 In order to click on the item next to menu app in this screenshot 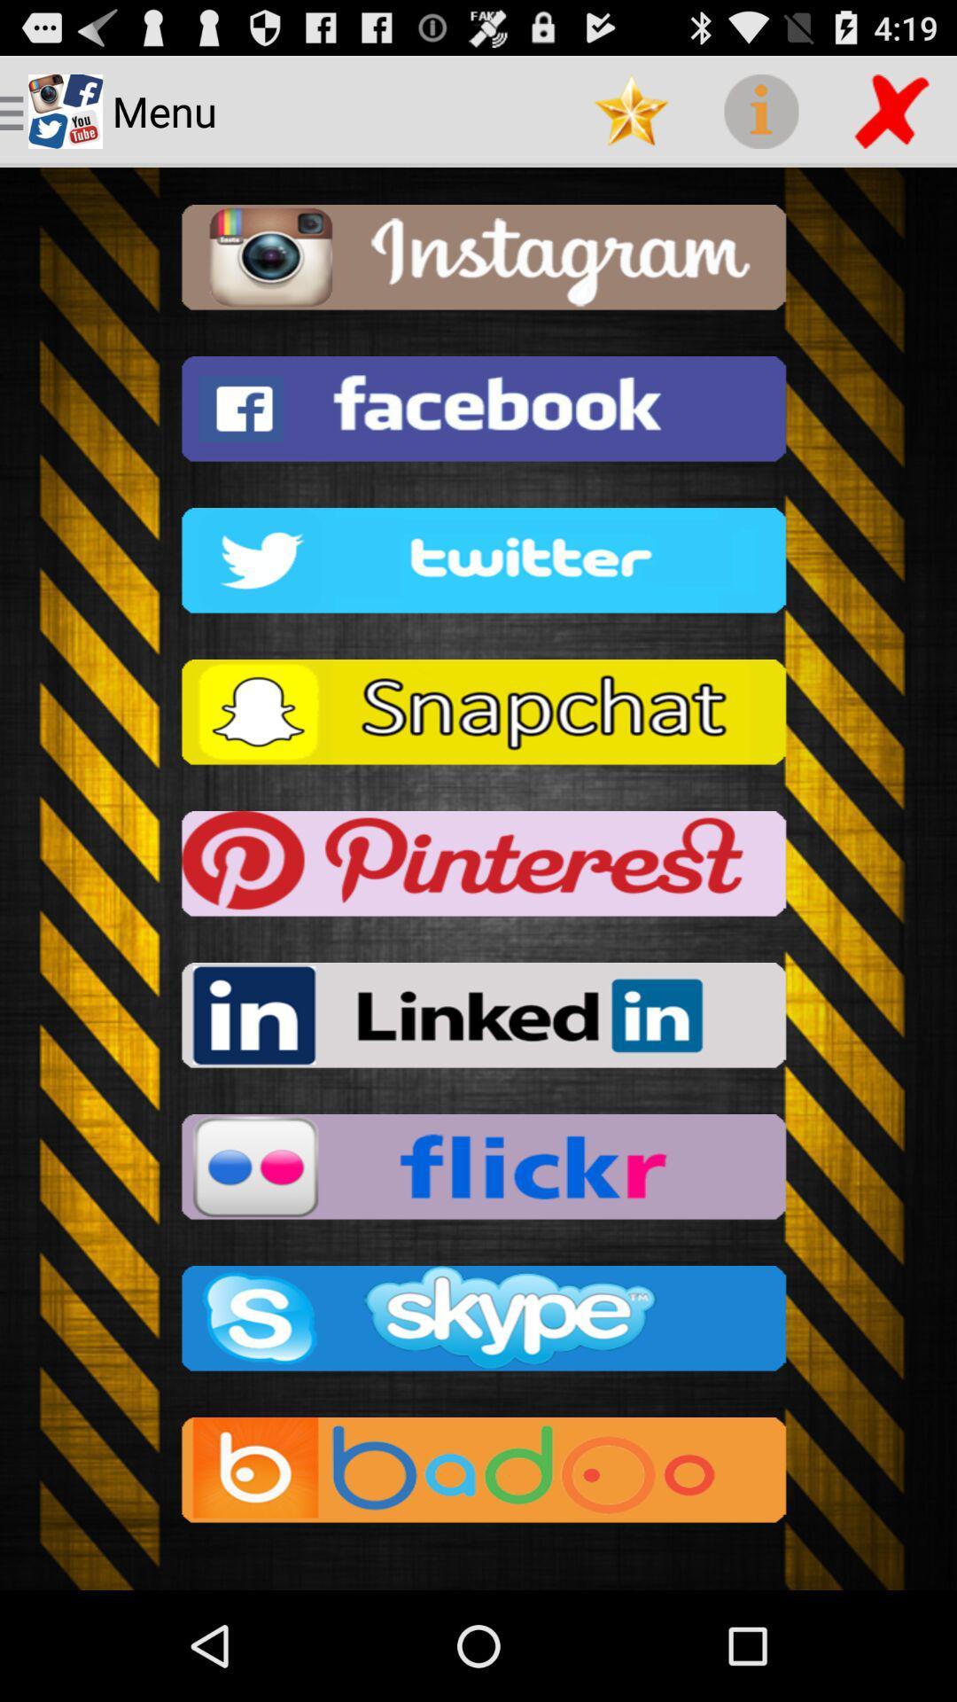, I will do `click(630, 110)`.